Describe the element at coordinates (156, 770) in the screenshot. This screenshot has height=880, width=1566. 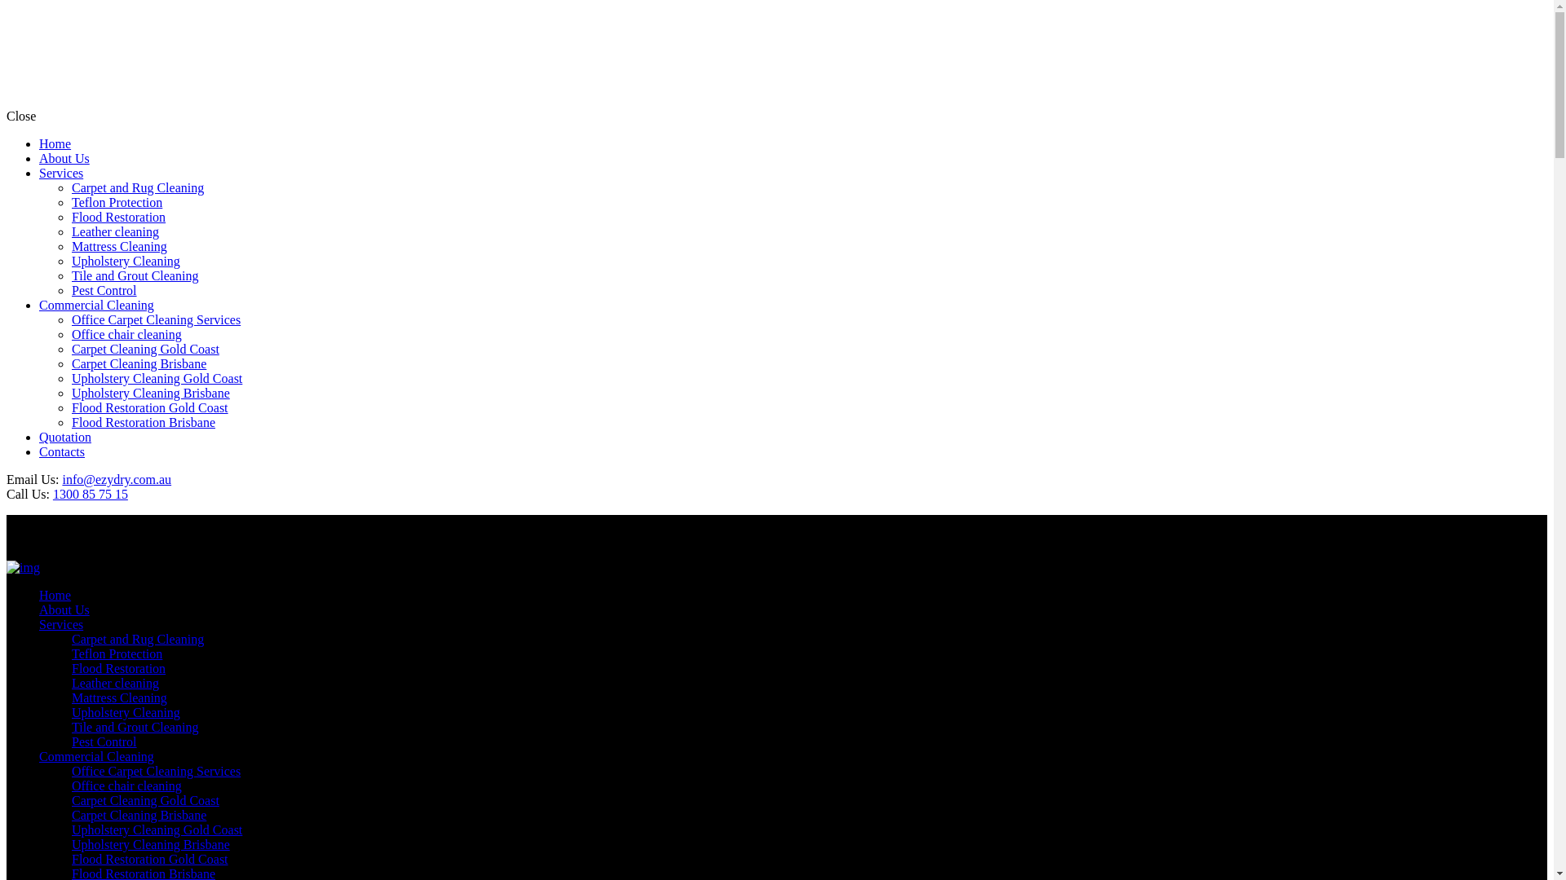
I see `'Office Carpet Cleaning Services'` at that location.